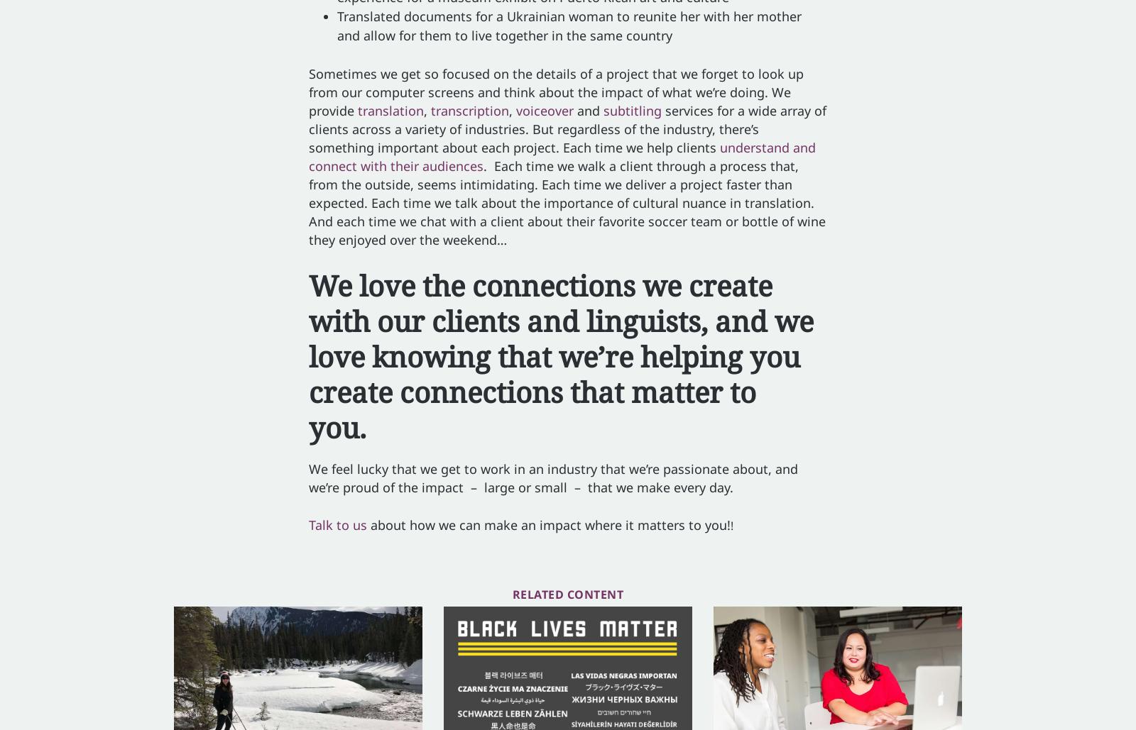 This screenshot has height=730, width=1136. What do you see at coordinates (511, 594) in the screenshot?
I see `'Related Content'` at bounding box center [511, 594].